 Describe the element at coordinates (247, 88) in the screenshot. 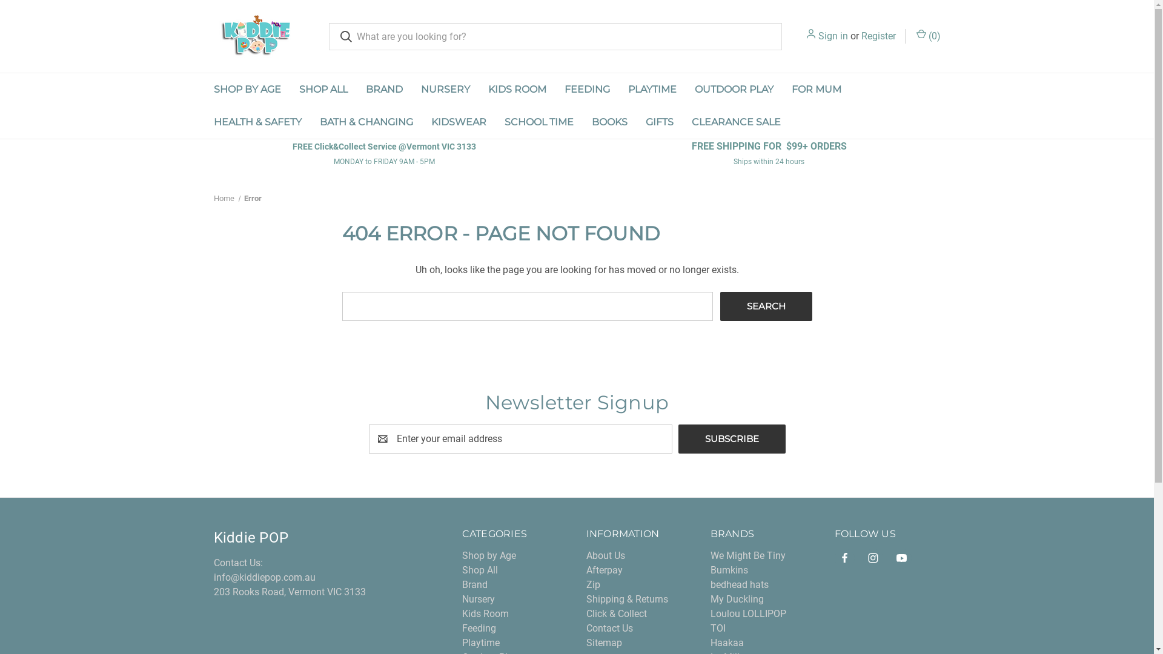

I see `'SHOP BY AGE'` at that location.